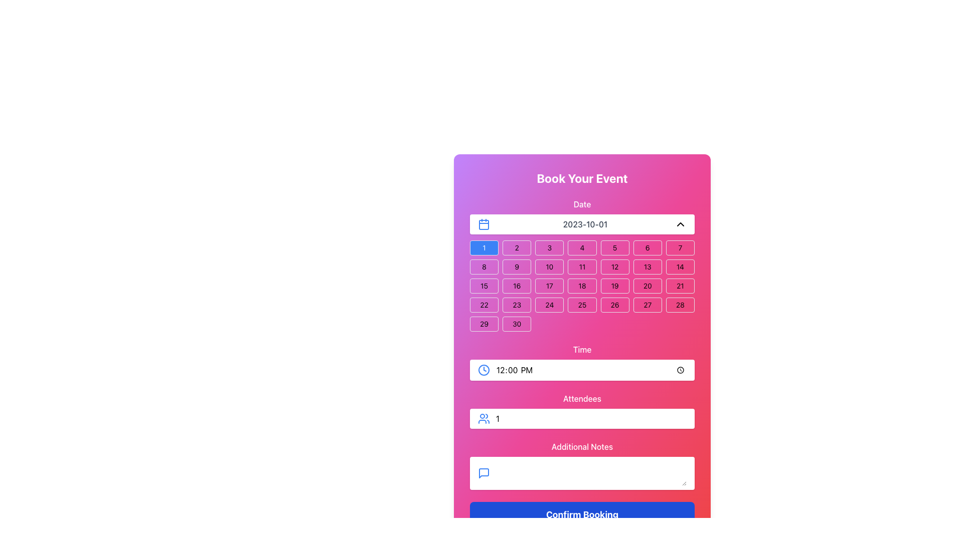 The width and height of the screenshot is (963, 541). I want to click on the button that selects the 9th day in the calendar on the 'Book Your Event' interface, which is located in the second row and second column of the calendar grid layout, so click(517, 266).